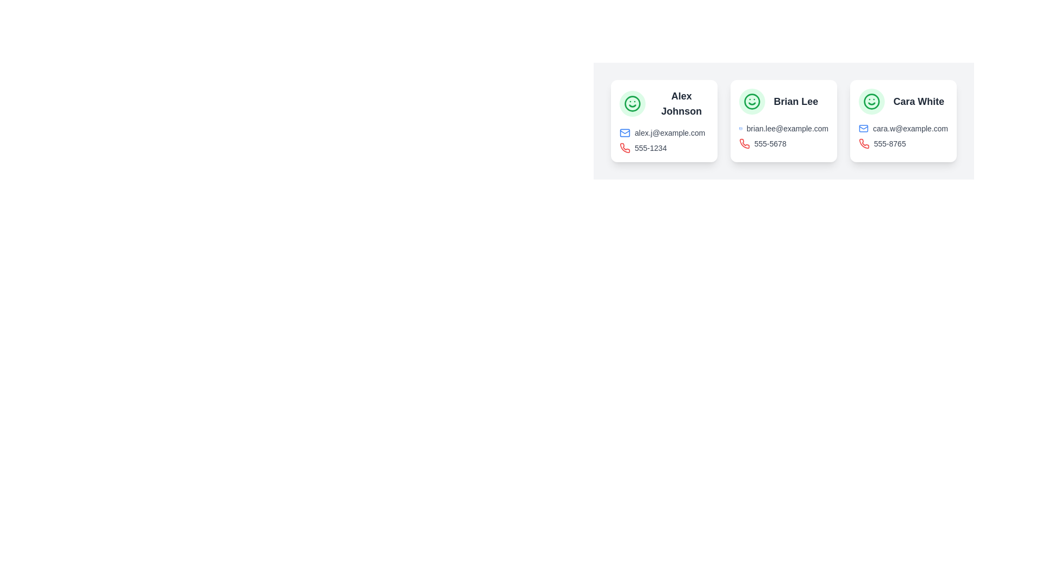 The image size is (1039, 584). What do you see at coordinates (796, 102) in the screenshot?
I see `the text content of the label displaying the name 'Brian Lee', which is styled in a bold font with dark gray color on a light background, located in the middle card of three profile cards` at bounding box center [796, 102].